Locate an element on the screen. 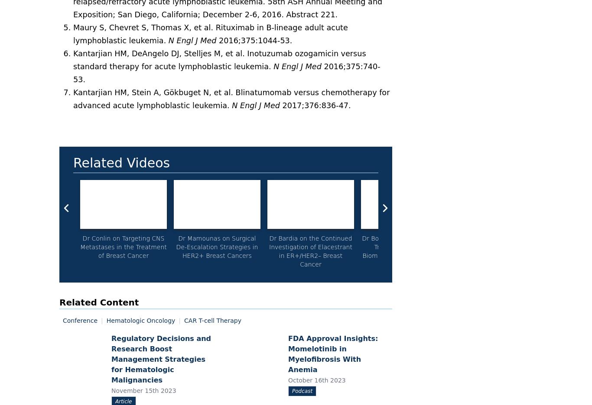 The height and width of the screenshot is (405, 592). 'Conference' is located at coordinates (79, 320).